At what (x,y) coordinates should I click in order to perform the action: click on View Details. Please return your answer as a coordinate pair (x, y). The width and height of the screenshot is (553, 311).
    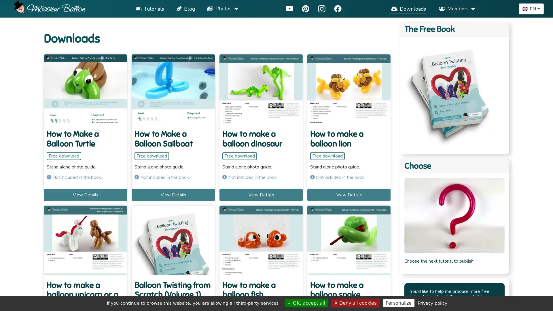
    Looking at the image, I should click on (349, 194).